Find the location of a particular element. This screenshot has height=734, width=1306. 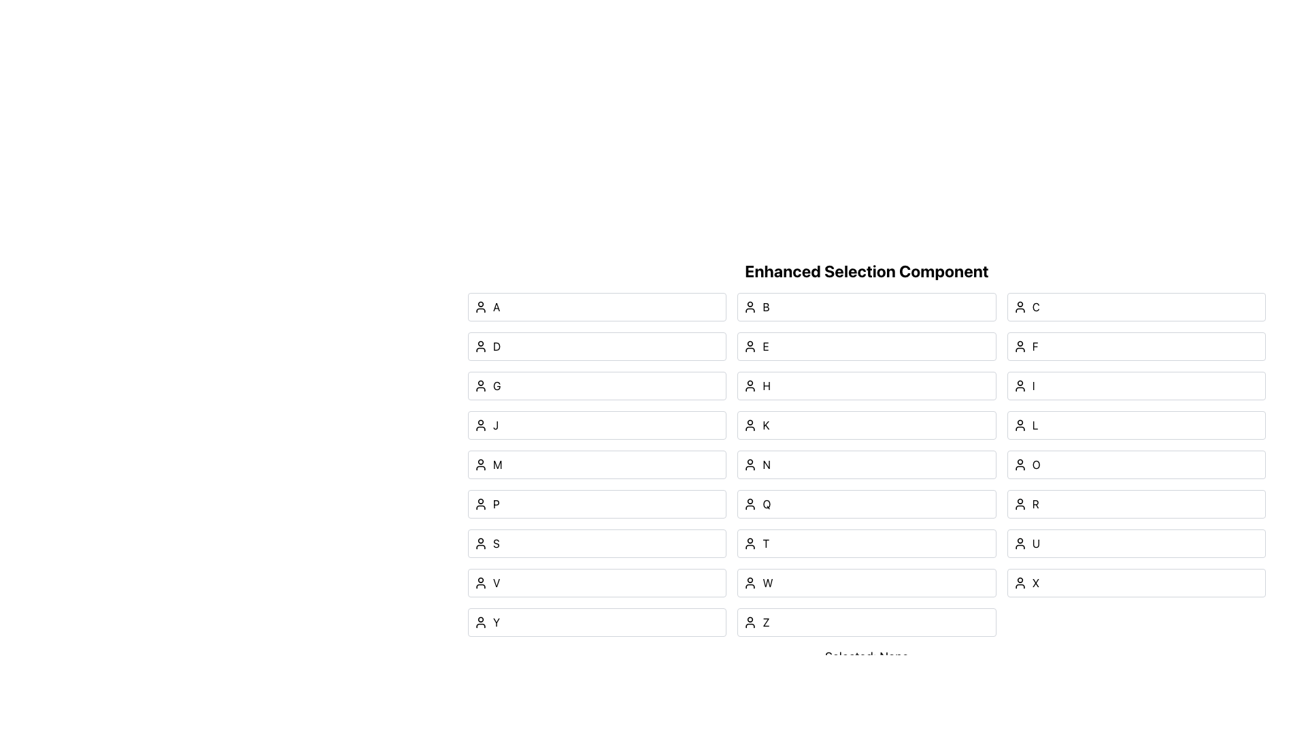

the interactive button for selecting the option corresponding to the letter 'S' is located at coordinates (597, 542).